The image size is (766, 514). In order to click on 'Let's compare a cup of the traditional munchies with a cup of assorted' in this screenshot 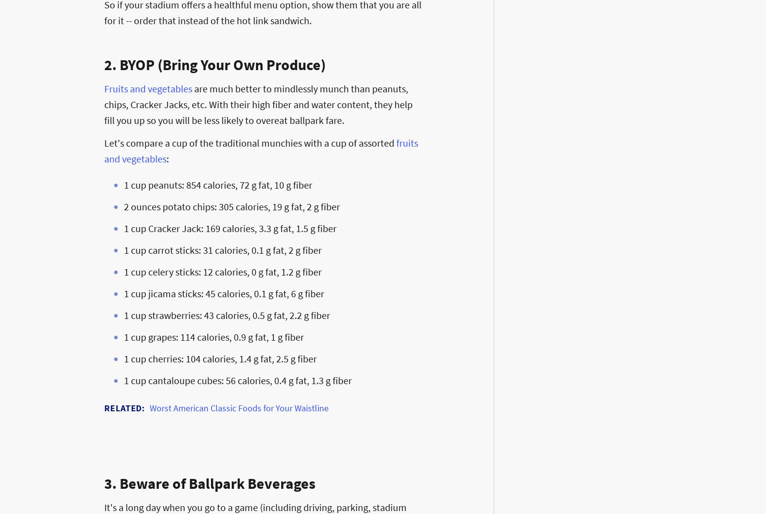, I will do `click(250, 142)`.